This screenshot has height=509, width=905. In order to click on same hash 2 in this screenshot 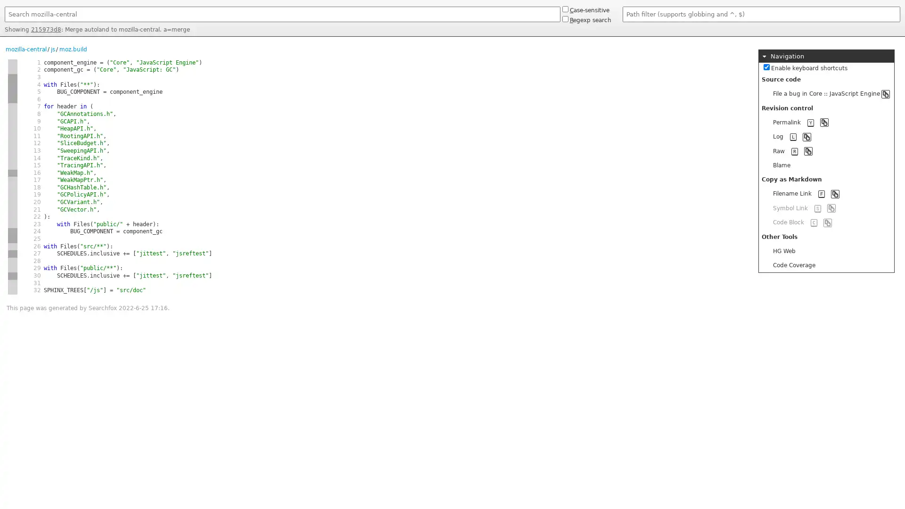, I will do `click(13, 92)`.